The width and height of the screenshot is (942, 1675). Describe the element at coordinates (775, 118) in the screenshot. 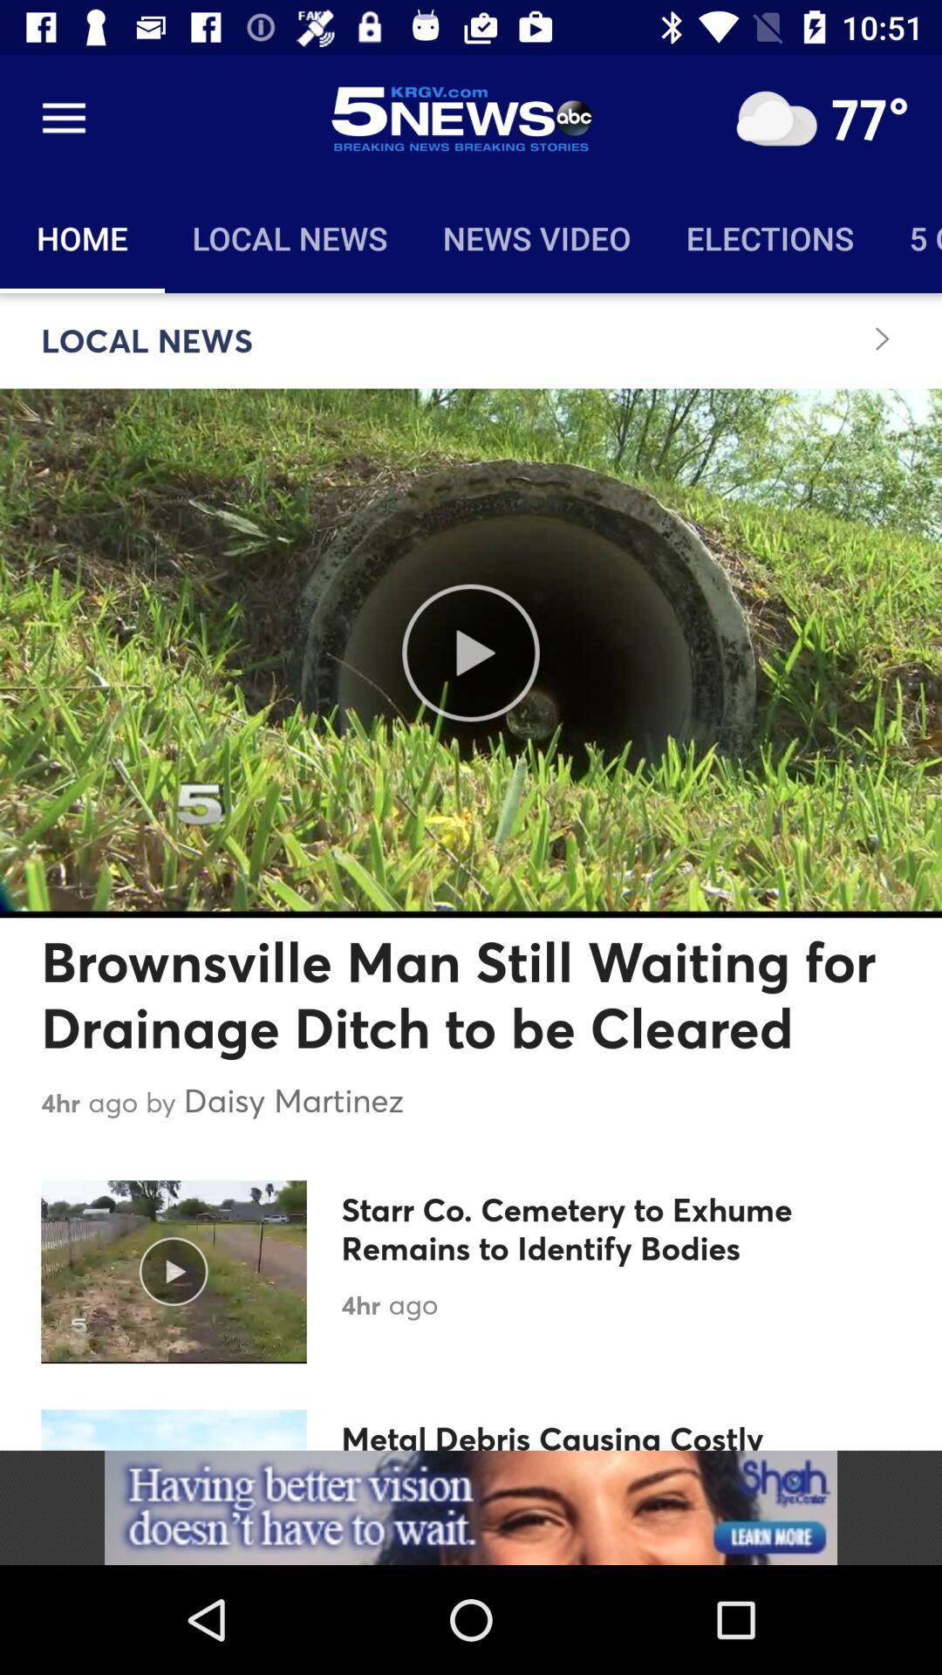

I see `option` at that location.